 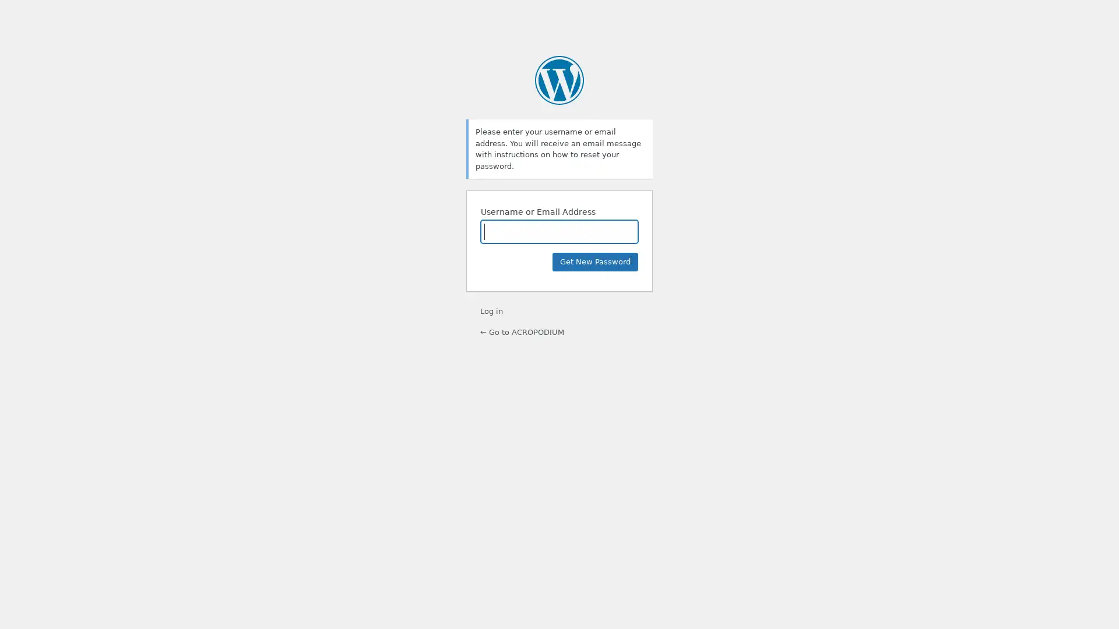 I want to click on Get New Password, so click(x=595, y=262).